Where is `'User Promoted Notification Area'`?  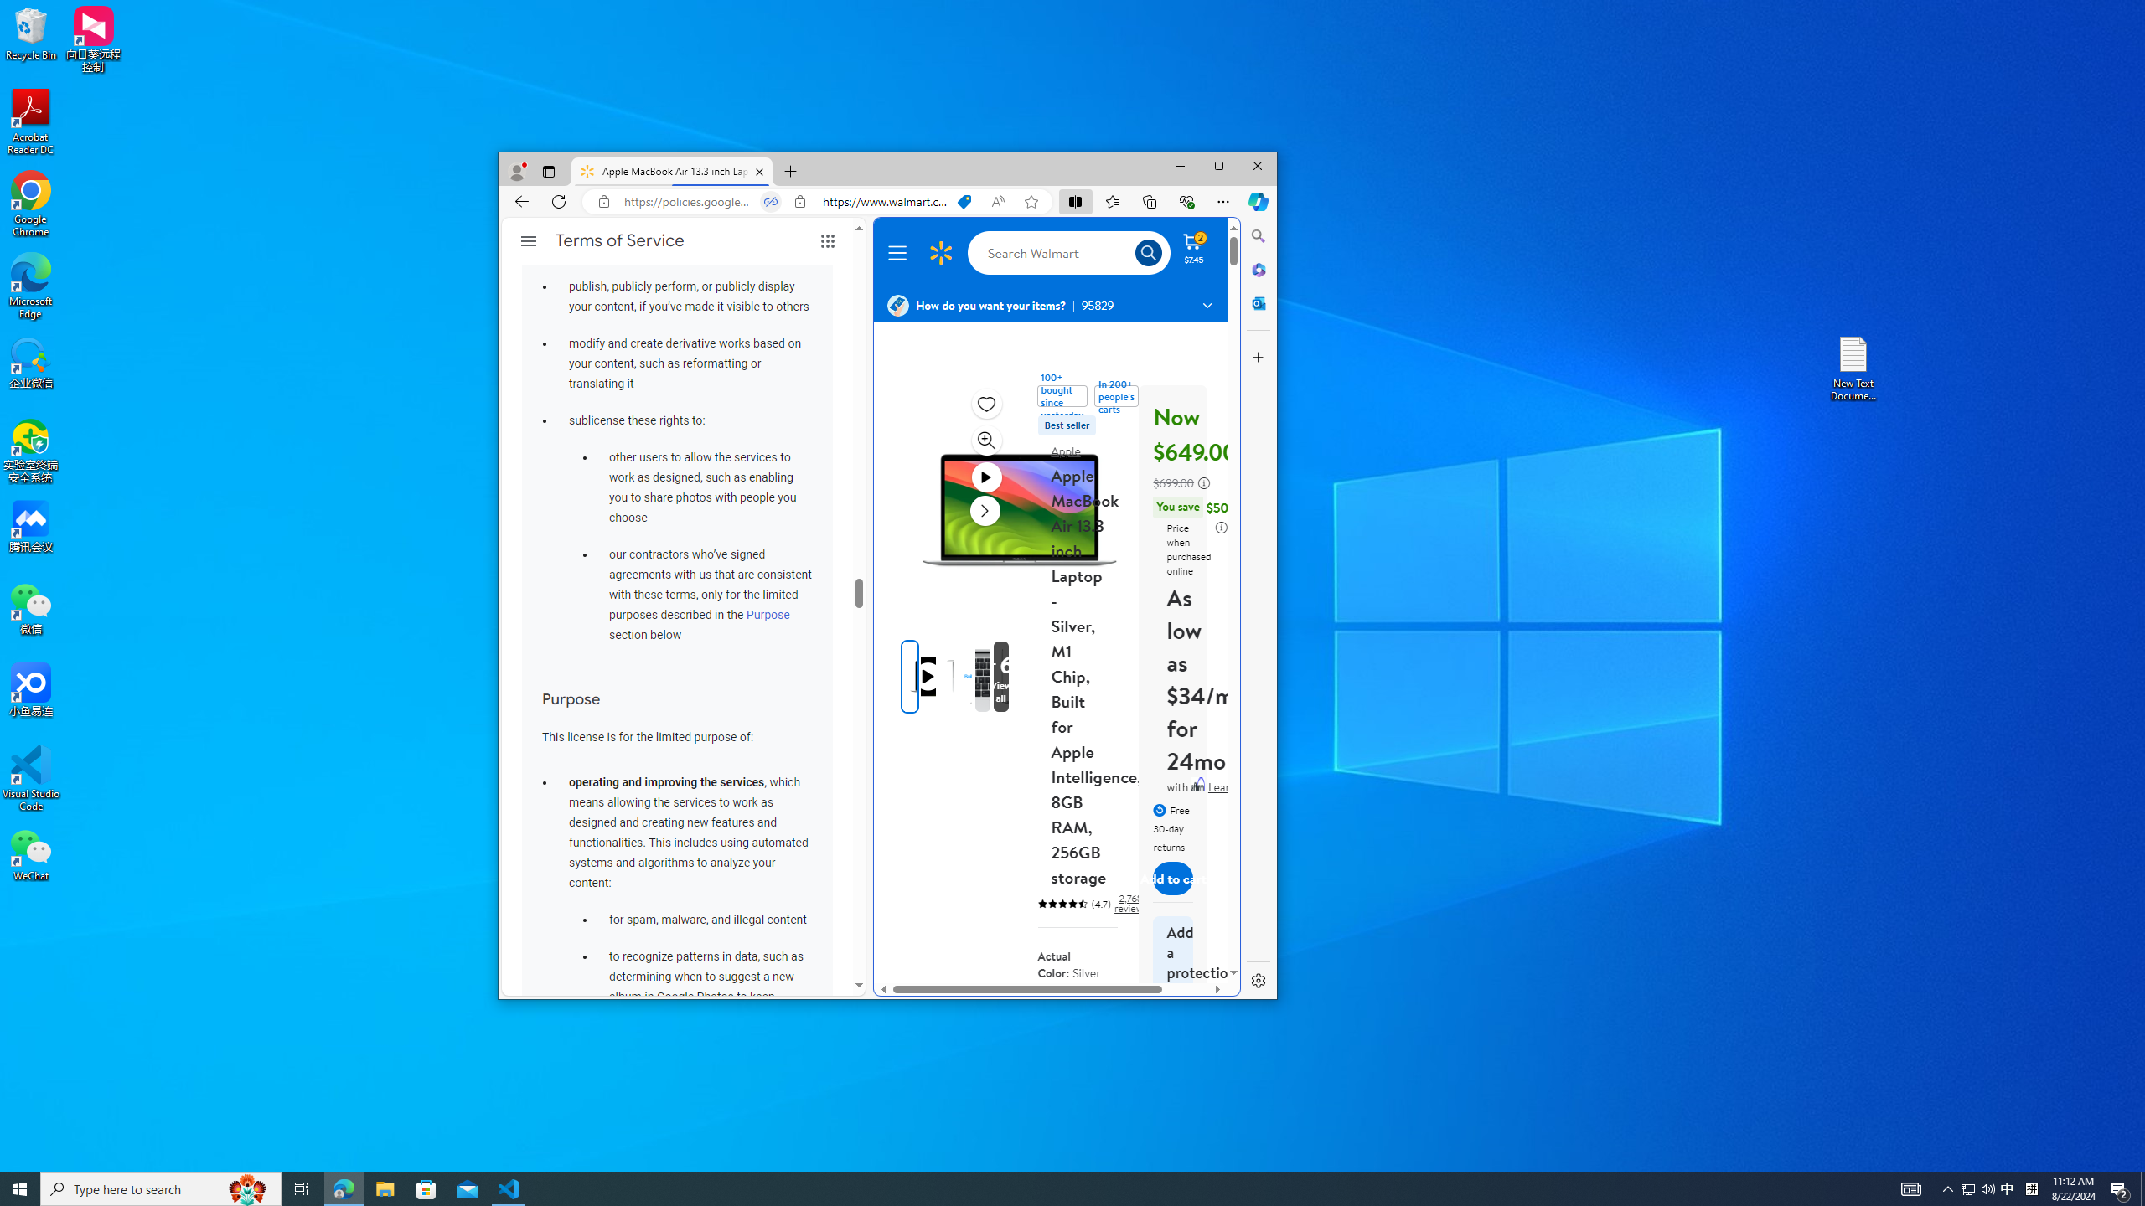
'User Promoted Notification Area' is located at coordinates (1977, 1188).